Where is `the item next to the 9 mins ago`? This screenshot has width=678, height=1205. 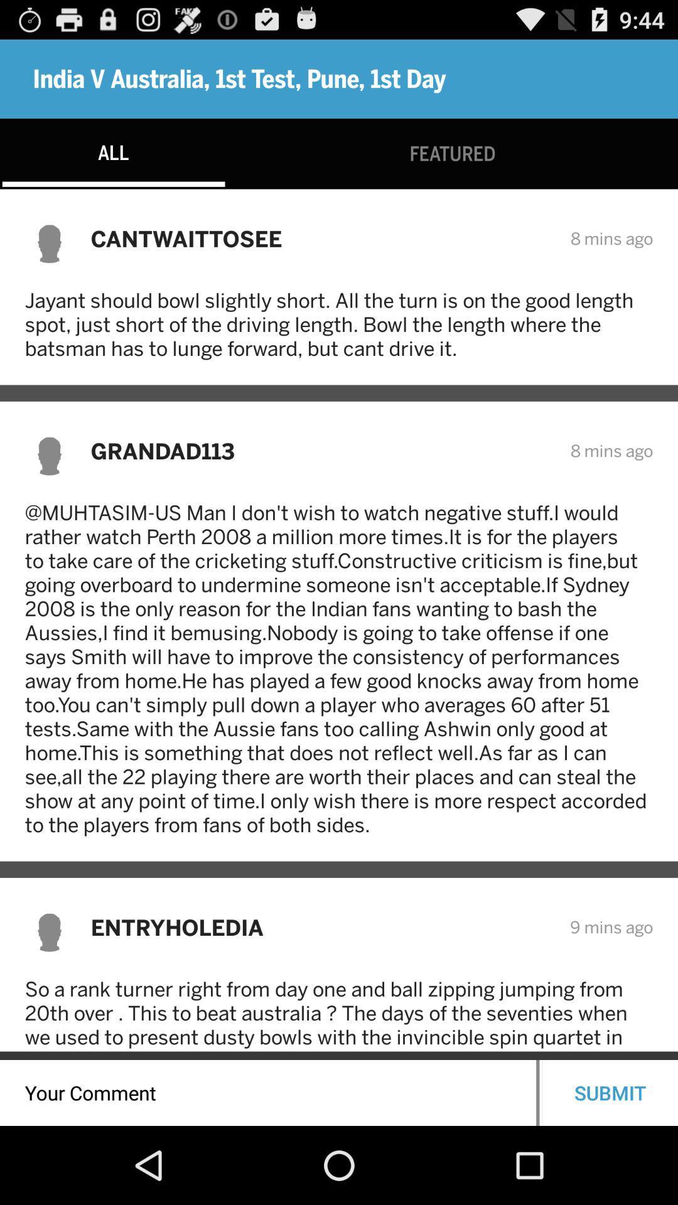
the item next to the 9 mins ago is located at coordinates (321, 927).